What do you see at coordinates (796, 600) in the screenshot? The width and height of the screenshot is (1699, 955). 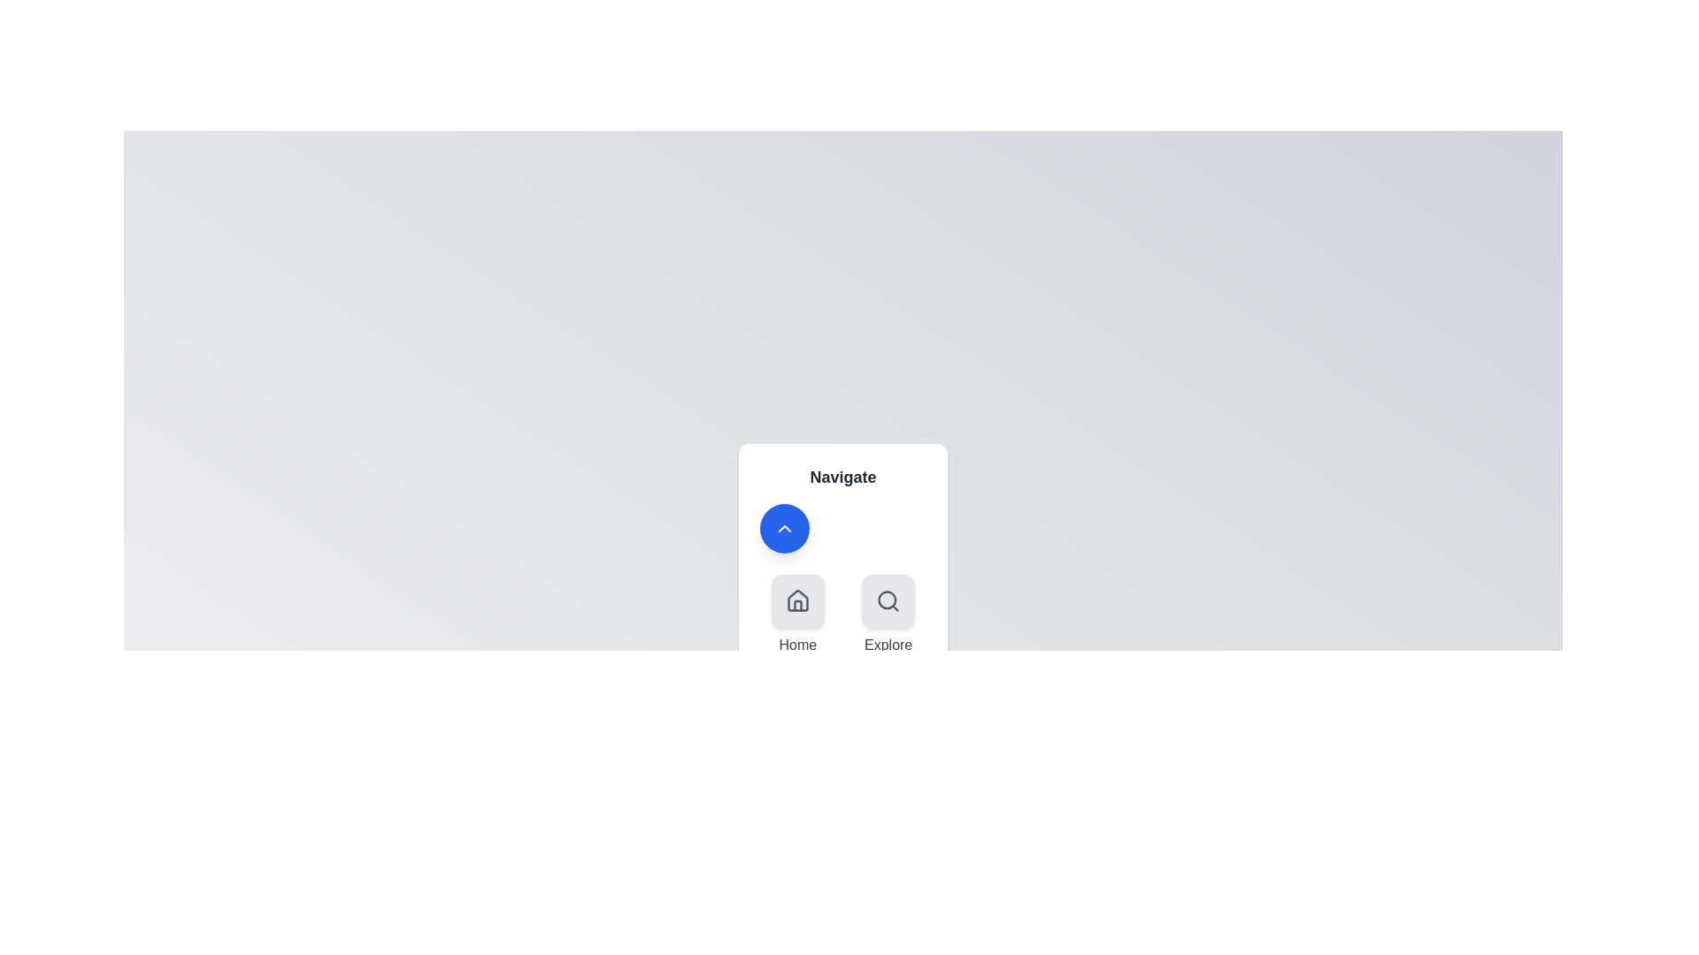 I see `the navigation option Home by clicking its corresponding icon` at bounding box center [796, 600].